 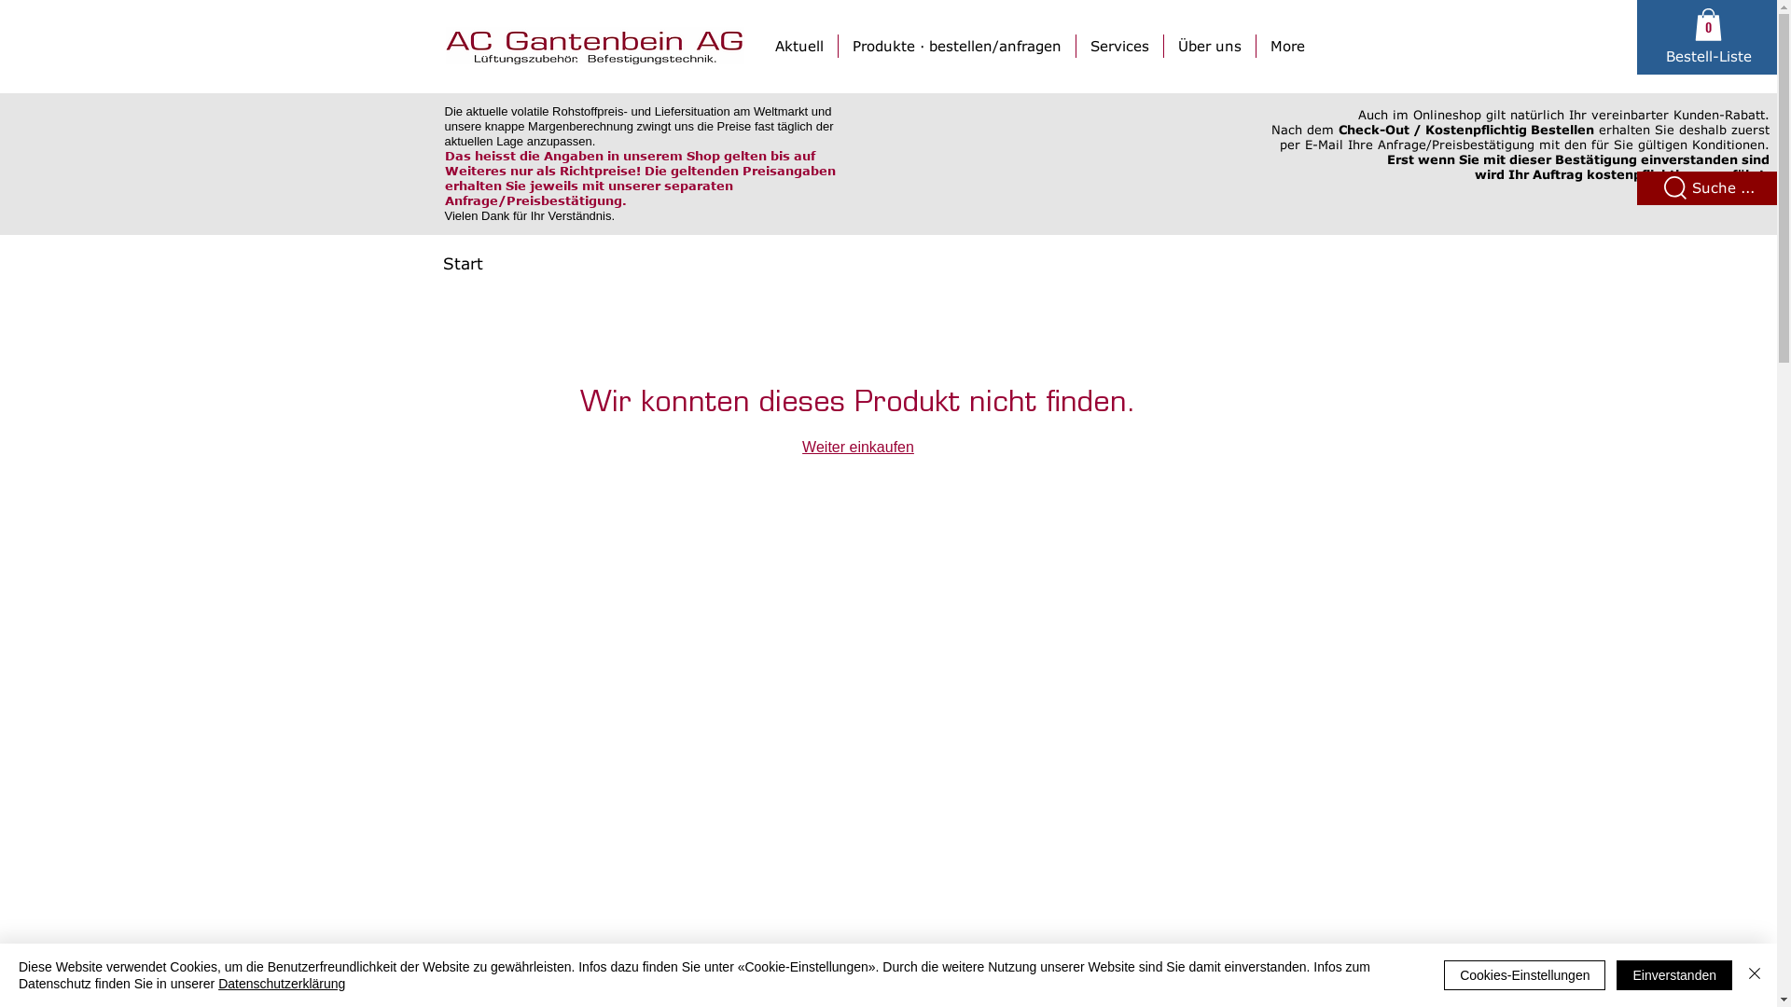 What do you see at coordinates (1695, 24) in the screenshot?
I see `'0'` at bounding box center [1695, 24].